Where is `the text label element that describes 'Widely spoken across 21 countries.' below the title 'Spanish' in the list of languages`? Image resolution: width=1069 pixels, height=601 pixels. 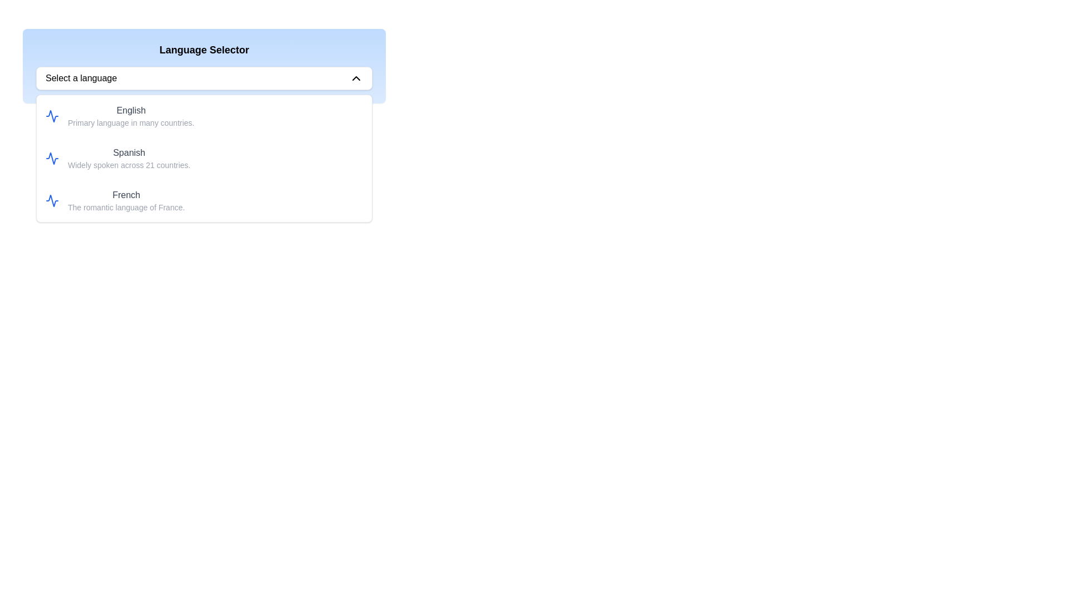 the text label element that describes 'Widely spoken across 21 countries.' below the title 'Spanish' in the list of languages is located at coordinates (129, 165).